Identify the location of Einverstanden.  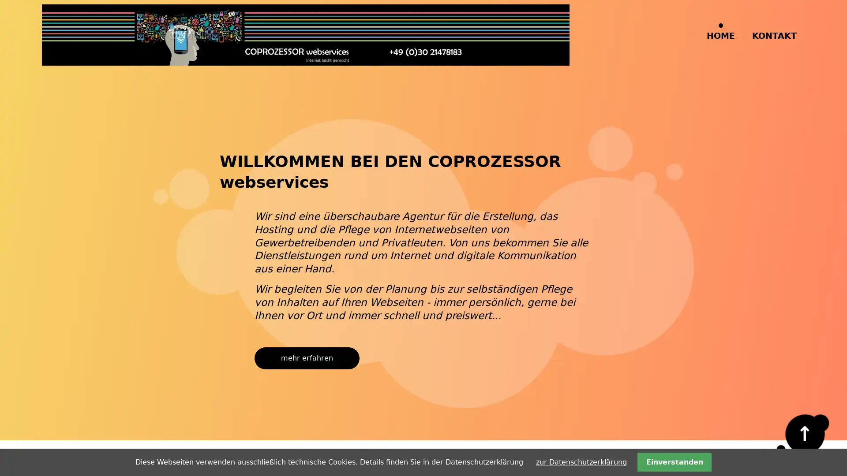
(674, 461).